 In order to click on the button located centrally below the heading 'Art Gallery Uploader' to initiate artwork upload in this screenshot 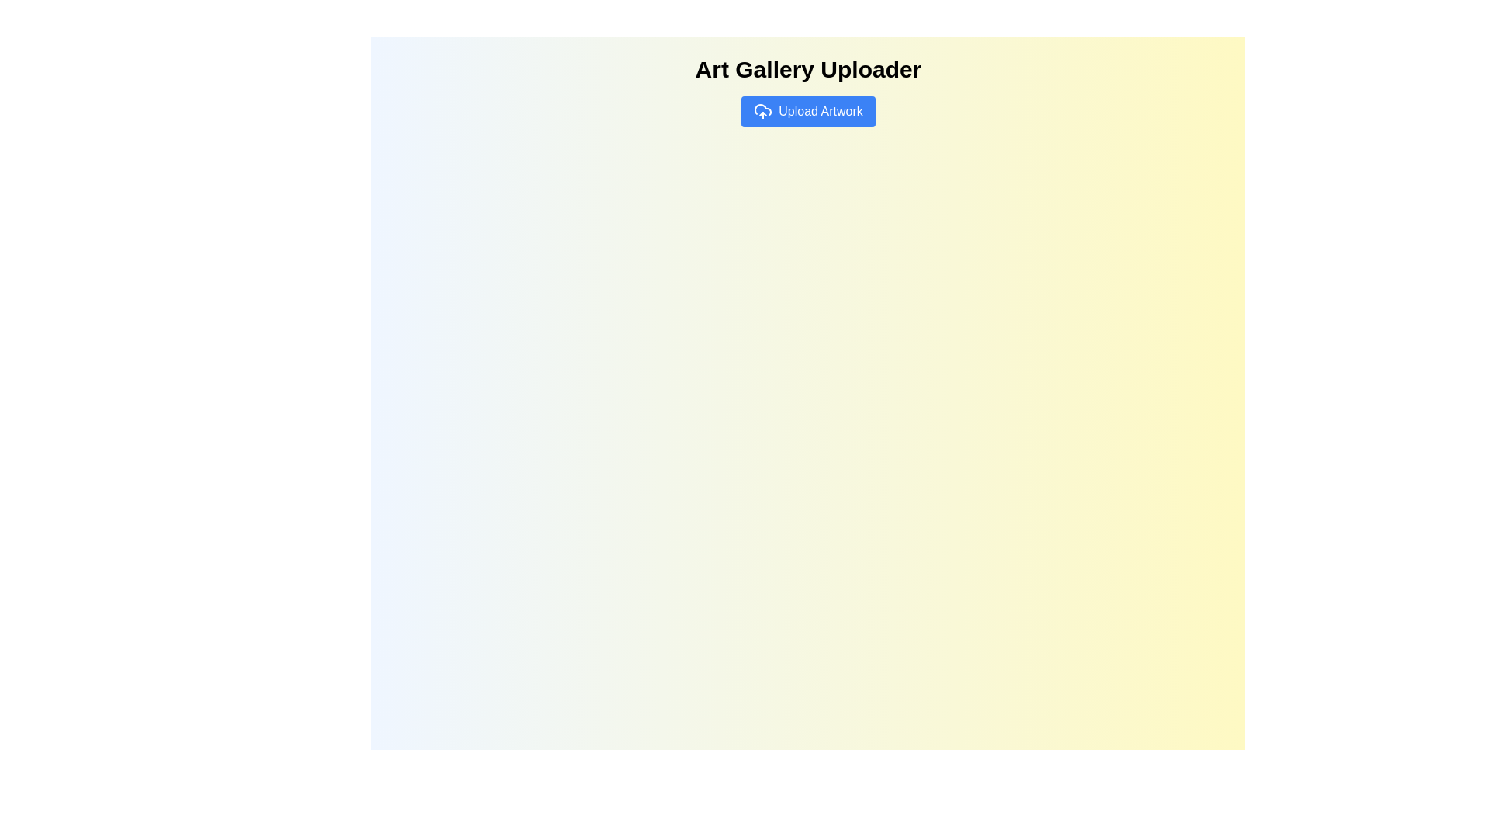, I will do `click(807, 110)`.